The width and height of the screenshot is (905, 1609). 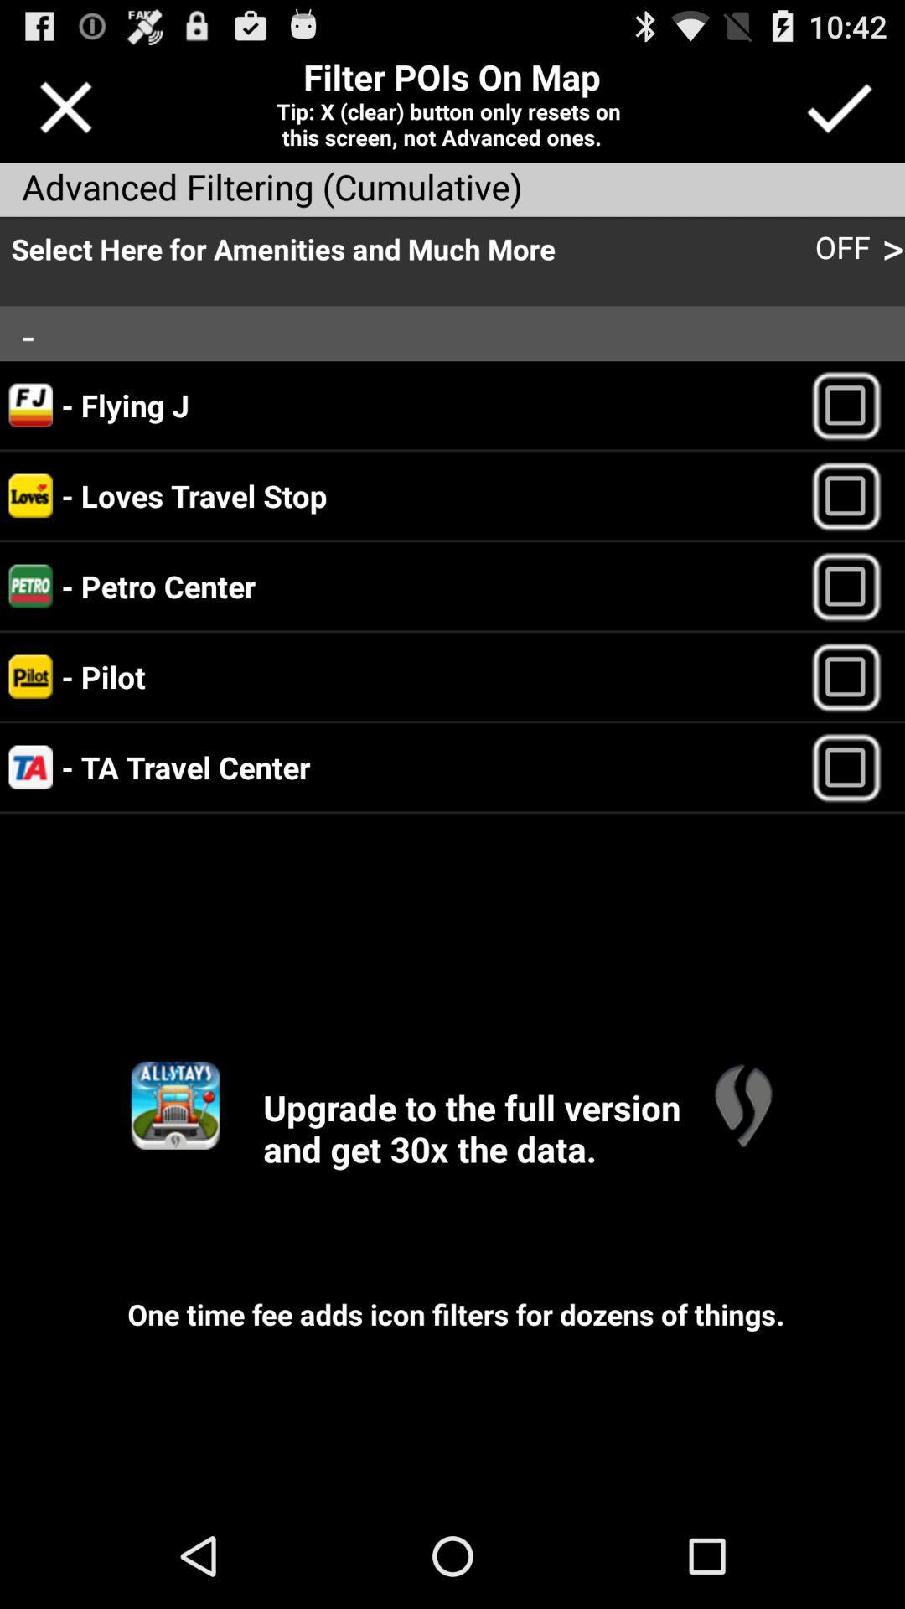 I want to click on confirm selections, so click(x=839, y=106).